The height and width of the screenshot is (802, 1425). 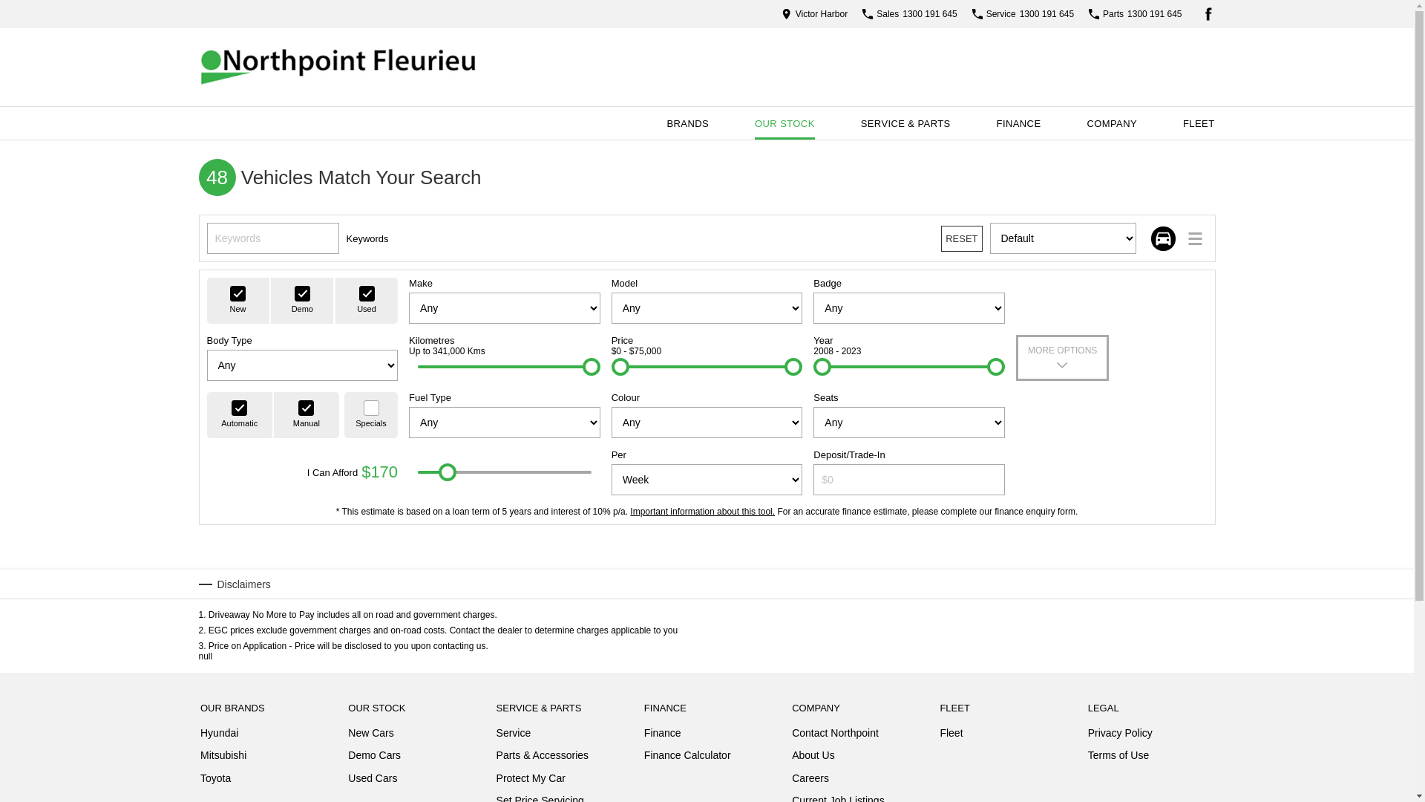 I want to click on 'RESET', so click(x=940, y=238).